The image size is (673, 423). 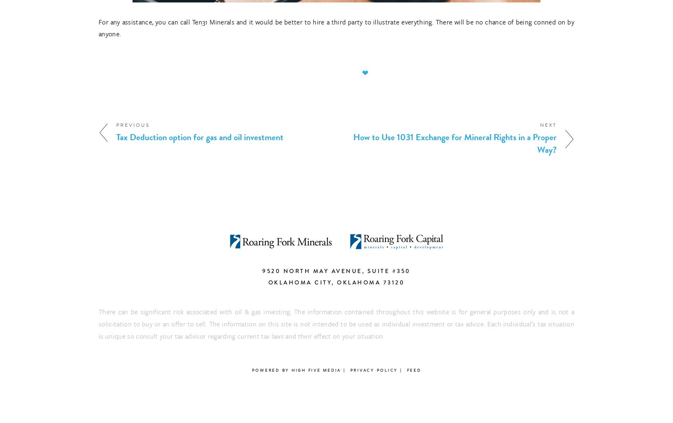 I want to click on 'How to Use 1031 Exchange for Mineral Rights in a Proper Way?', so click(x=455, y=143).